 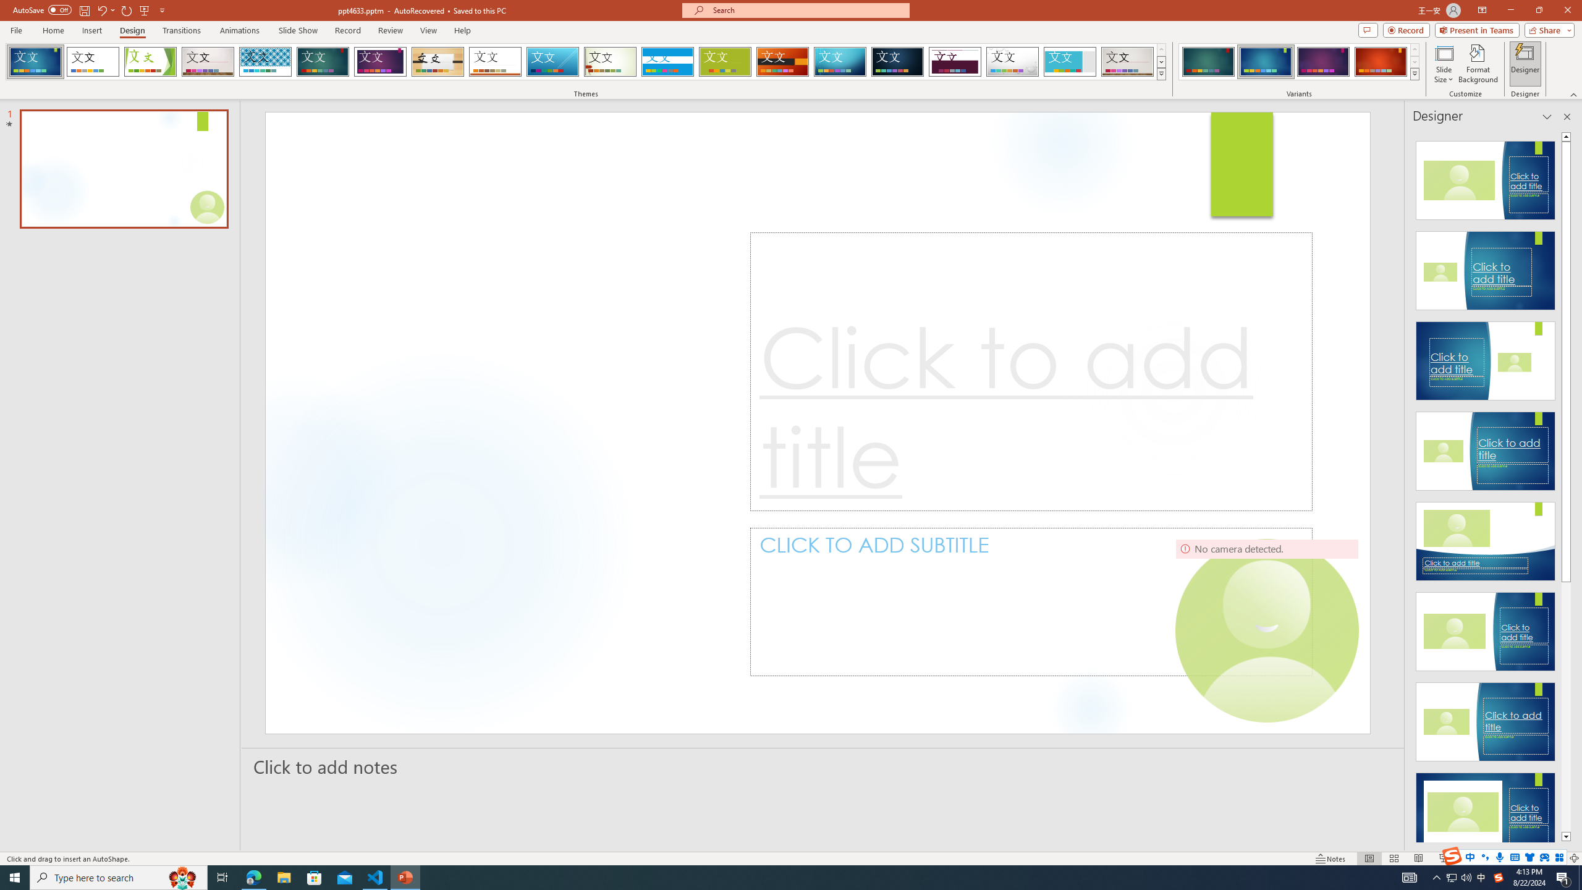 What do you see at coordinates (144, 9) in the screenshot?
I see `'From Beginning'` at bounding box center [144, 9].